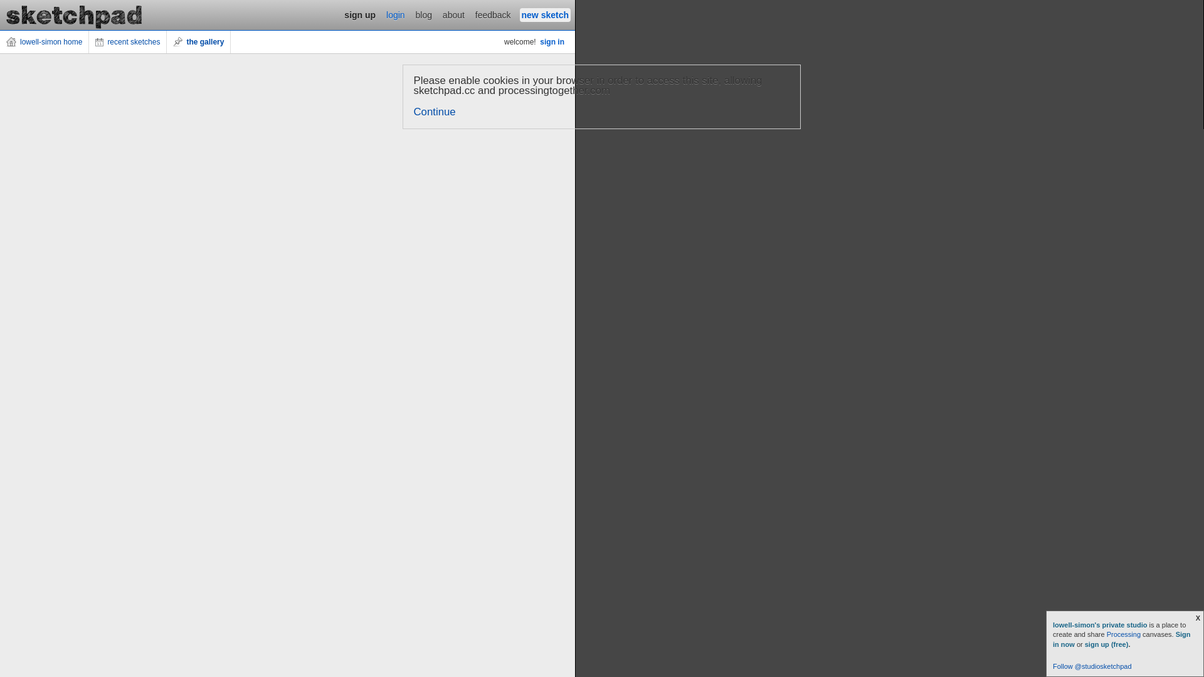  I want to click on 'lowell-simon's private studio', so click(1101, 624).